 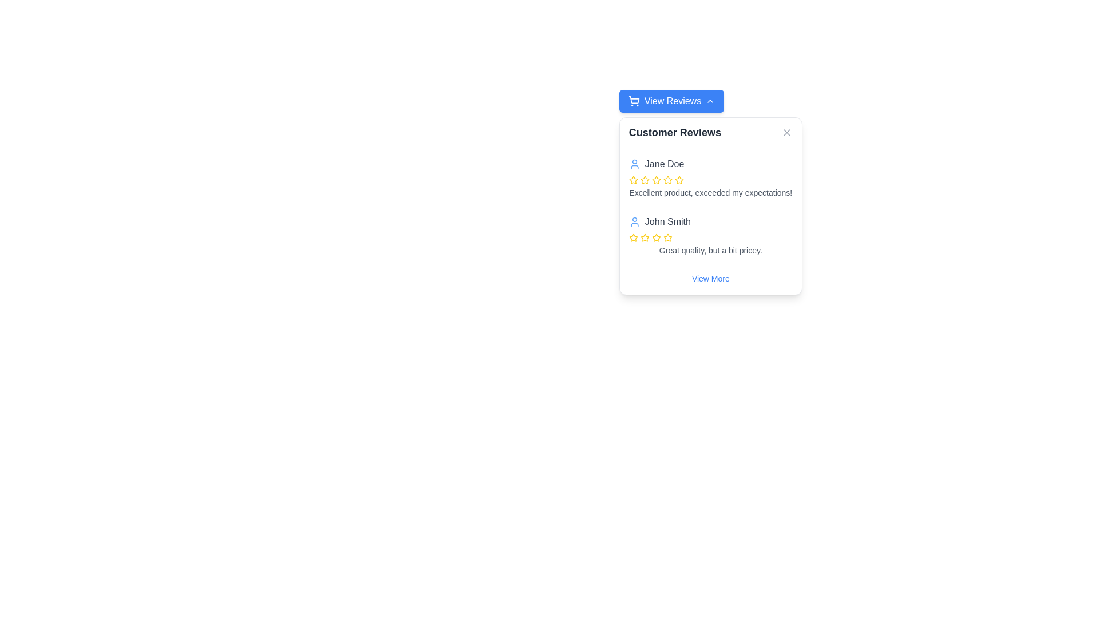 I want to click on the fifth star icon in the rating display, which represents the user's rating under the second review, so click(x=667, y=237).